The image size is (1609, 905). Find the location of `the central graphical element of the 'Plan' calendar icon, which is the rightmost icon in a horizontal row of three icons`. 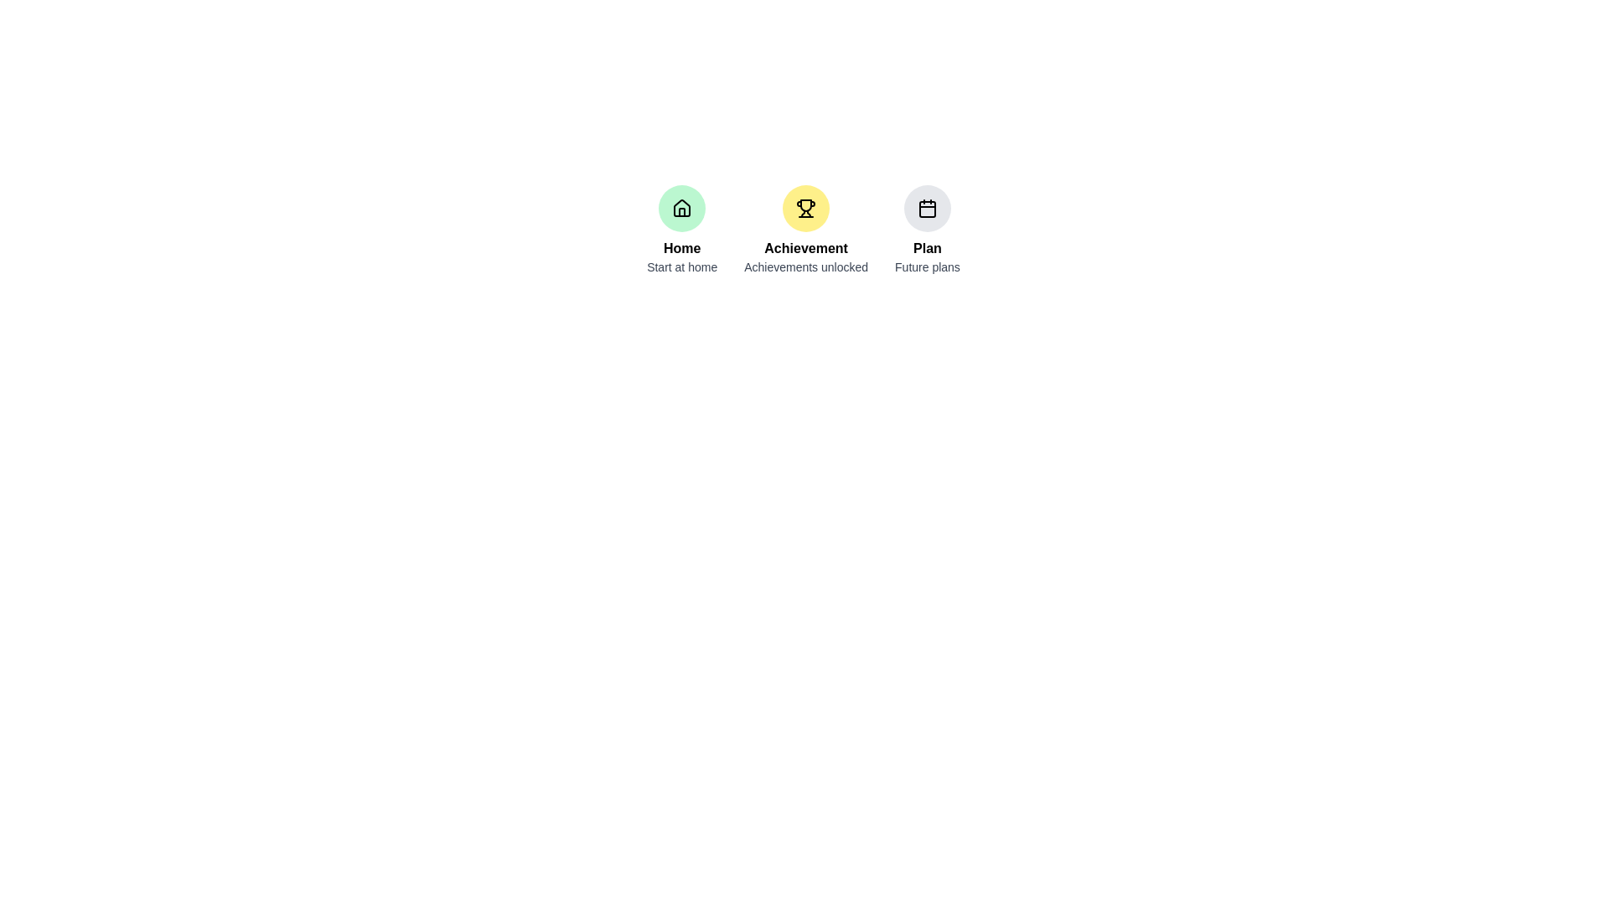

the central graphical element of the 'Plan' calendar icon, which is the rightmost icon in a horizontal row of three icons is located at coordinates (926, 209).